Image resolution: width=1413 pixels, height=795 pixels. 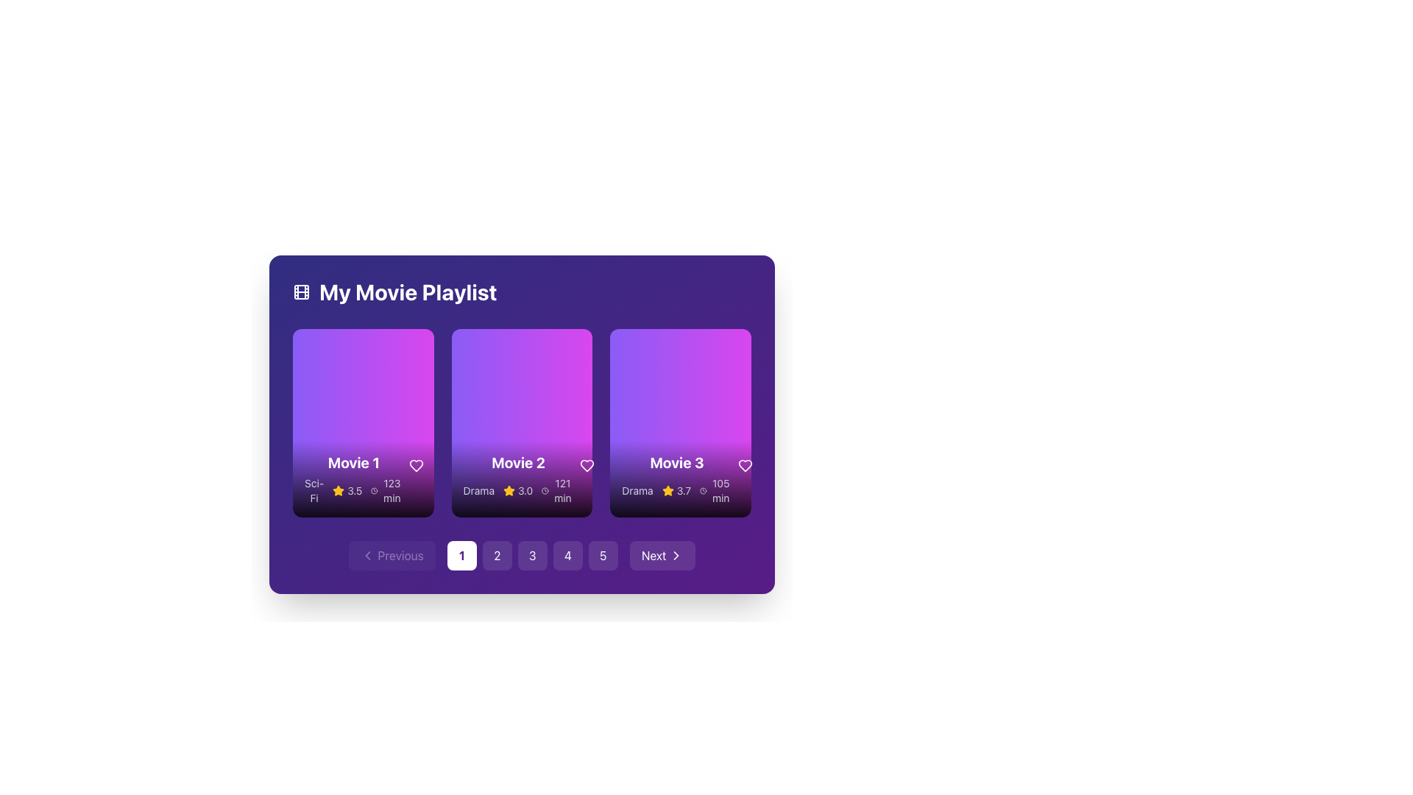 I want to click on the circular button labeled '3' with a purple background, so click(x=531, y=556).